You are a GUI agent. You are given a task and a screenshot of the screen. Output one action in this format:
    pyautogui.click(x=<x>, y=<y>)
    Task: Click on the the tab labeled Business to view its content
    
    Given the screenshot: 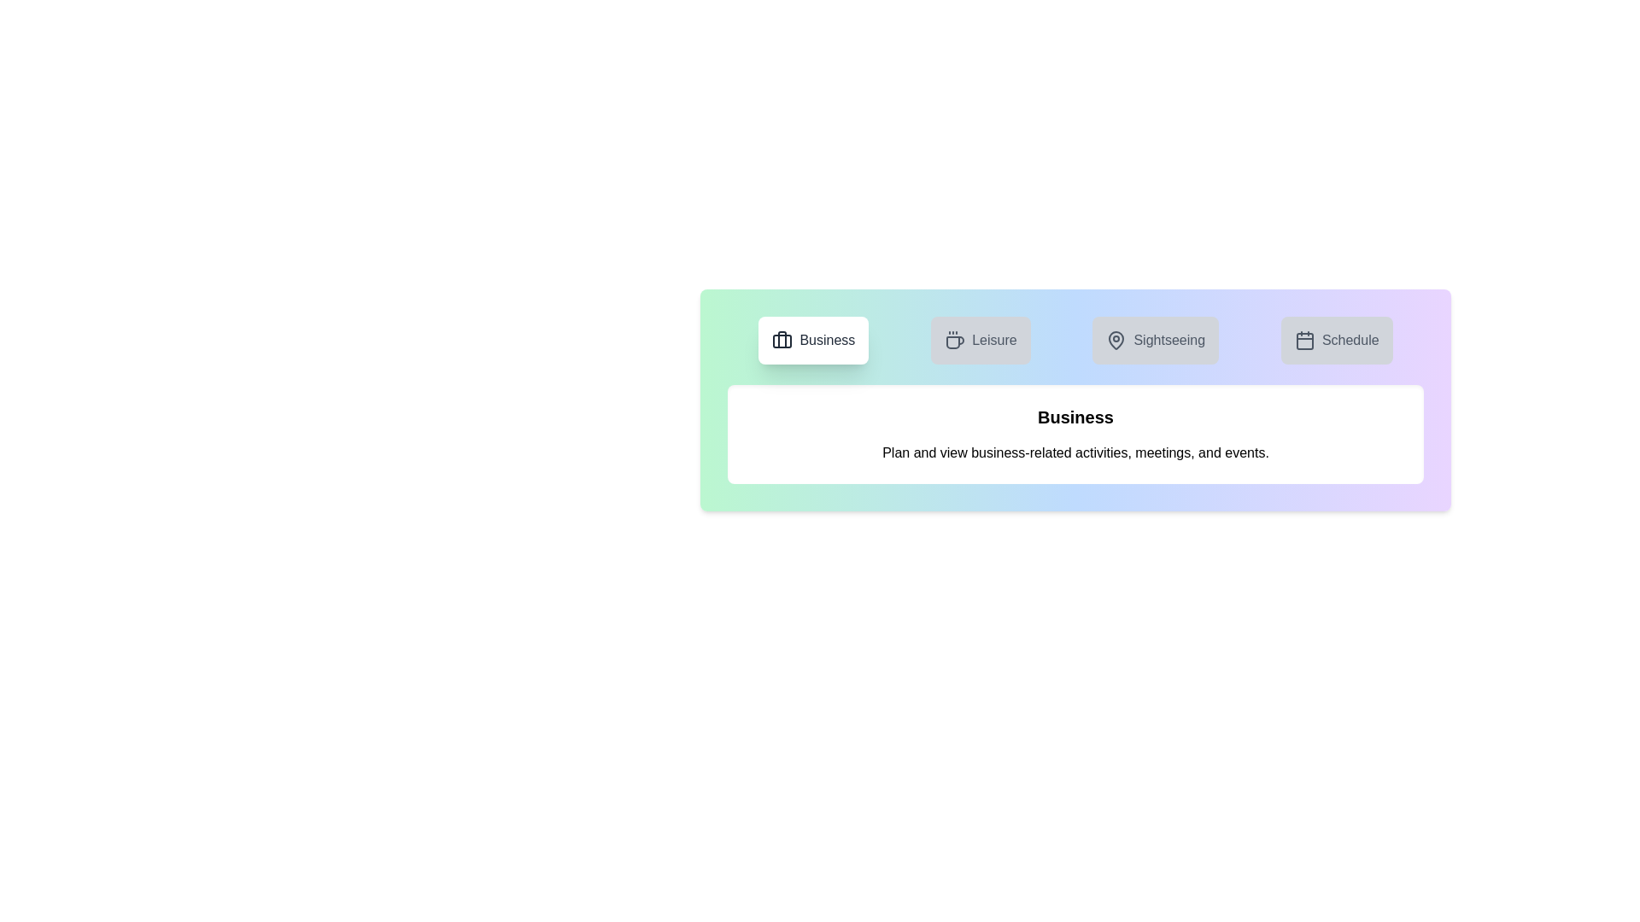 What is the action you would take?
    pyautogui.click(x=812, y=340)
    